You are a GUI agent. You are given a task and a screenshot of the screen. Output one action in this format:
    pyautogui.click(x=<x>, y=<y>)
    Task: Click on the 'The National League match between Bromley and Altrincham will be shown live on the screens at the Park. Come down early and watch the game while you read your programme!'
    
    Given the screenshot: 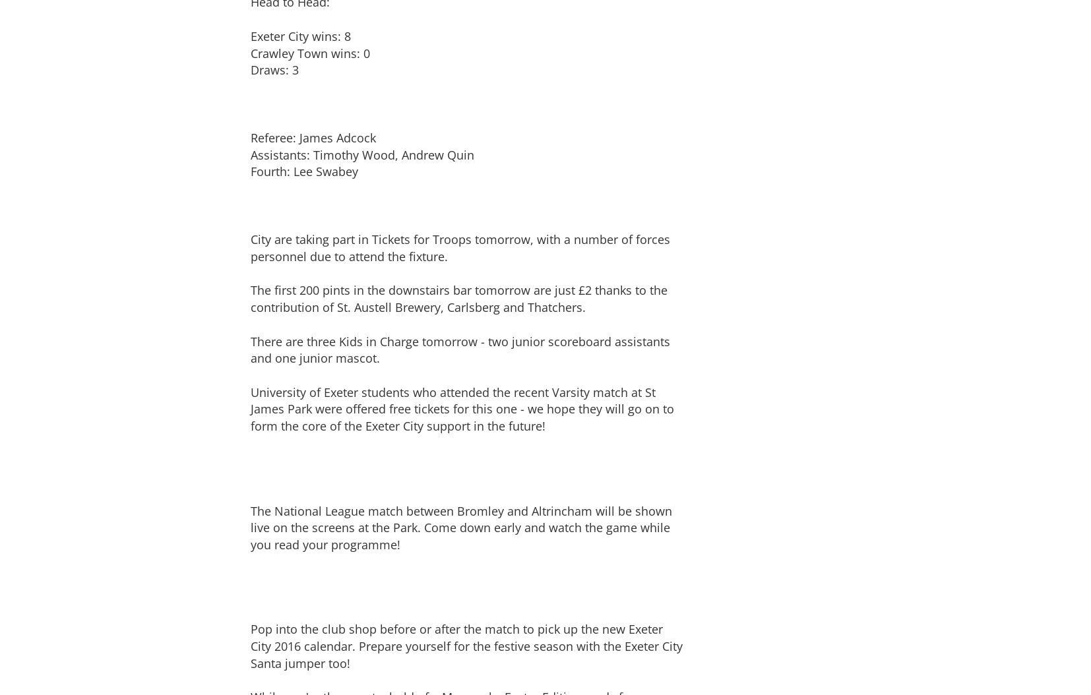 What is the action you would take?
    pyautogui.click(x=461, y=526)
    